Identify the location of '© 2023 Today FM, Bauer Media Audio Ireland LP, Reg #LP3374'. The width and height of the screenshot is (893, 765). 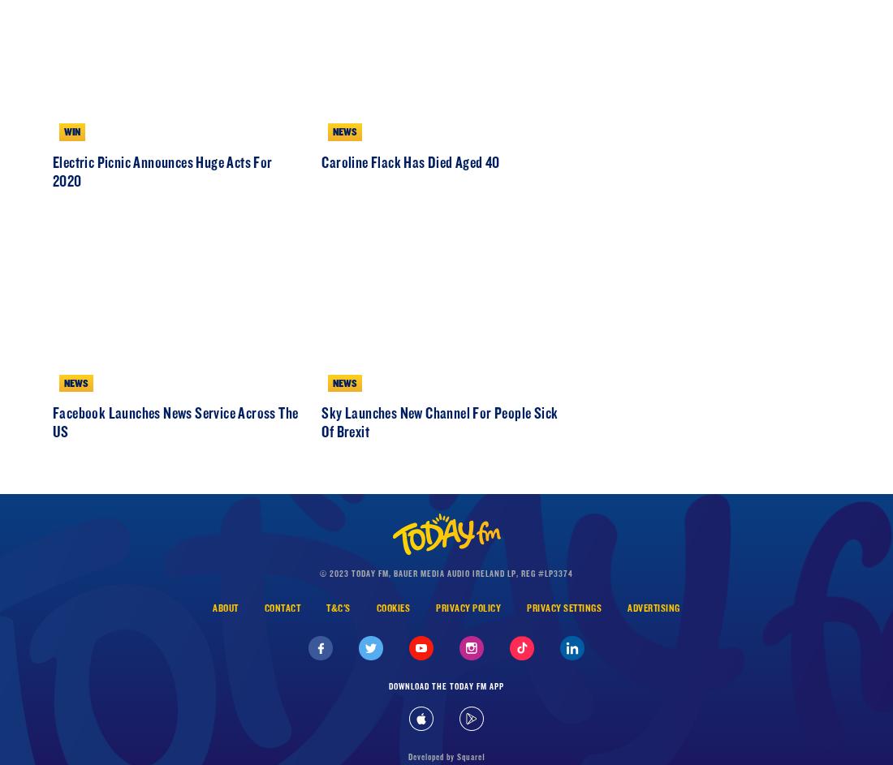
(446, 640).